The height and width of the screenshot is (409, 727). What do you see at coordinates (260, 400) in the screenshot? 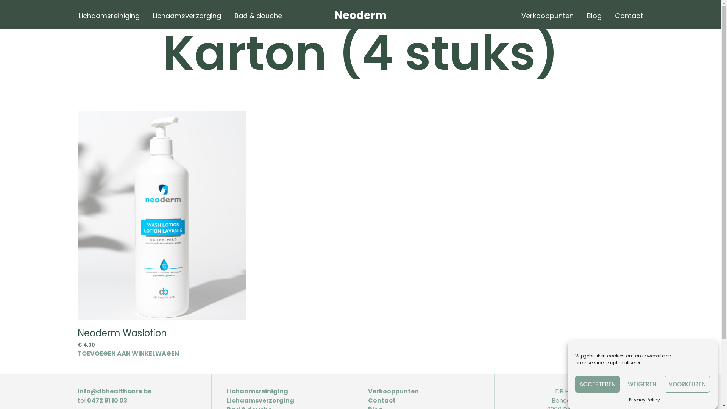
I see `'Lichaamsverzorging'` at bounding box center [260, 400].